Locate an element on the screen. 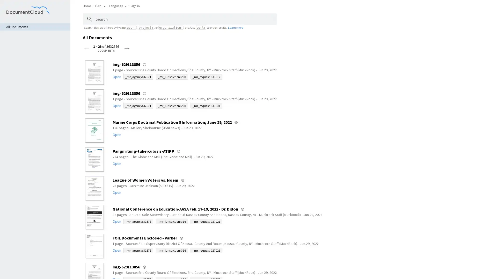  Open is located at coordinates (116, 250).